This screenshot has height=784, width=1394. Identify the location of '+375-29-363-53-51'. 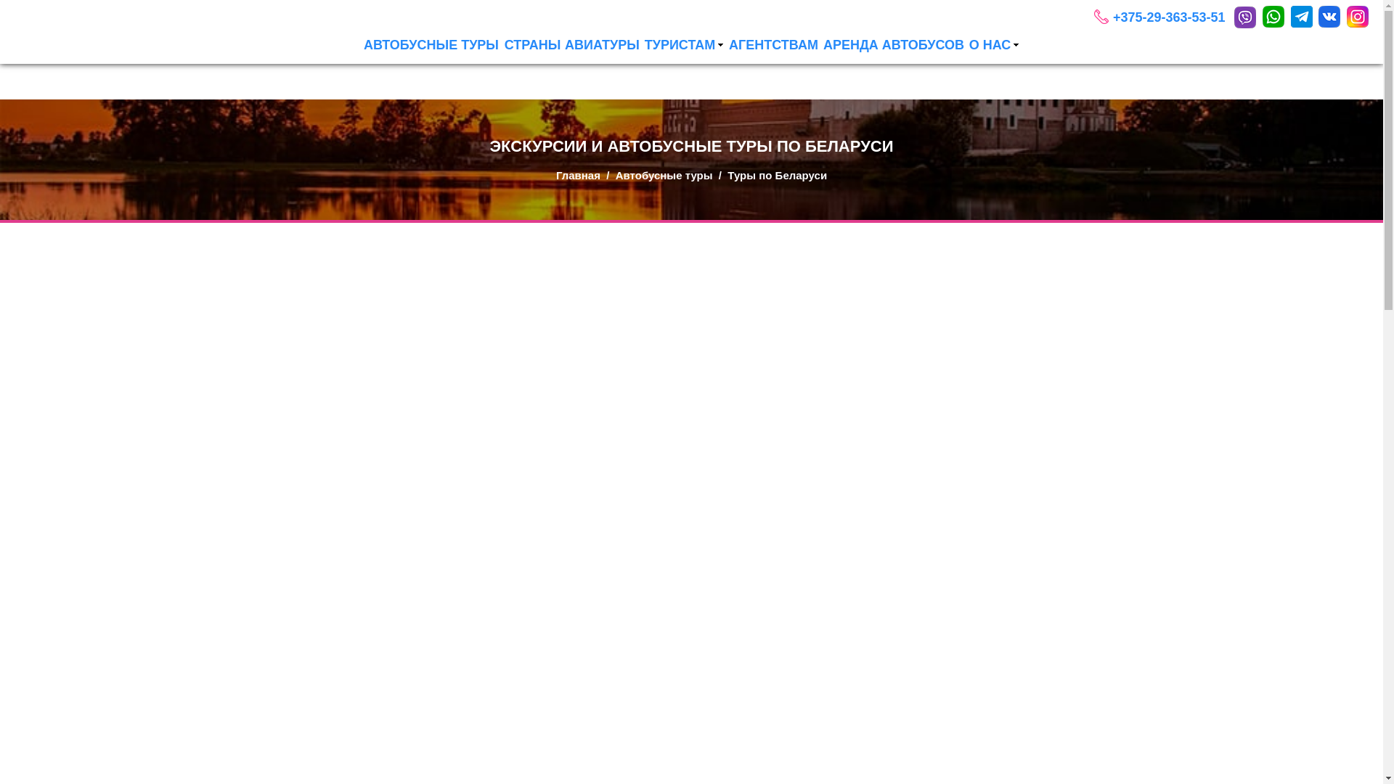
(1170, 17).